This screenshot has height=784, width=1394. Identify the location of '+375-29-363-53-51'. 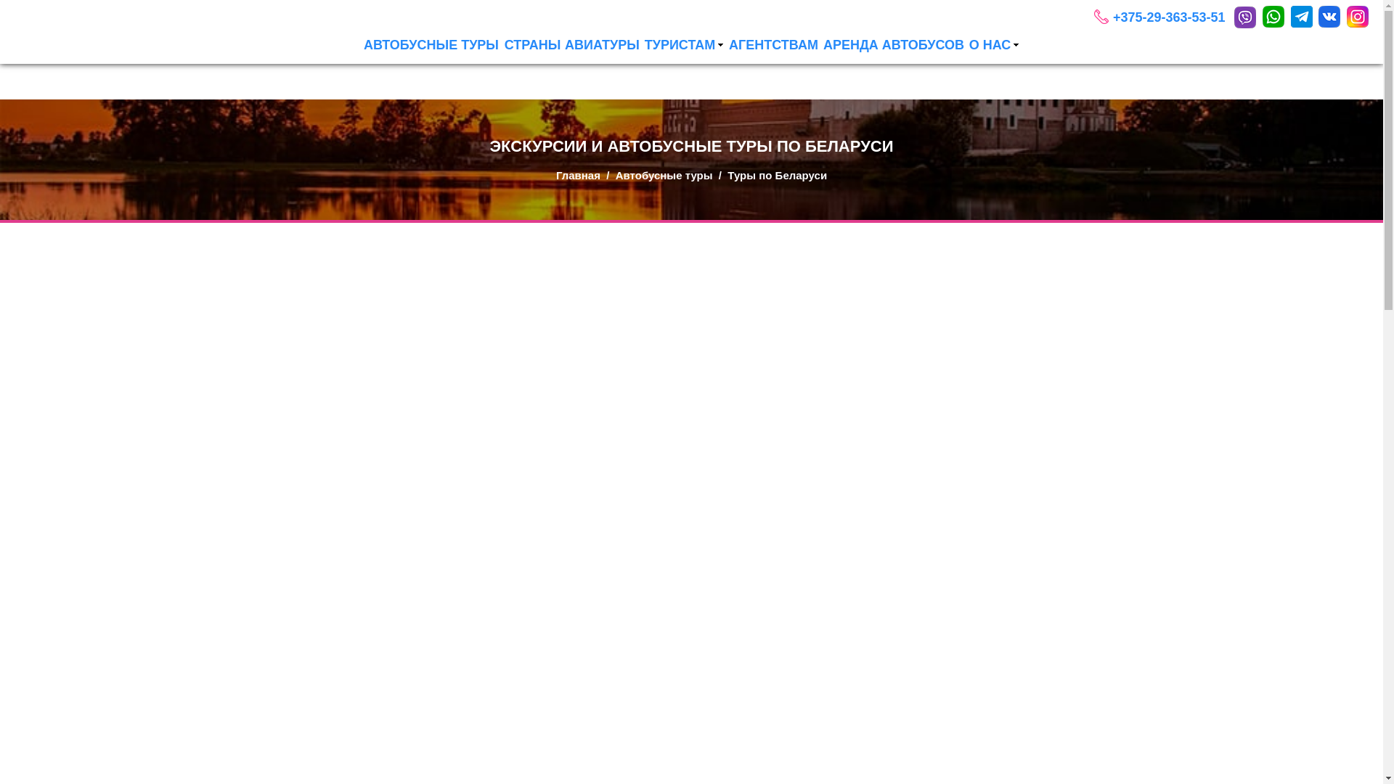
(1170, 17).